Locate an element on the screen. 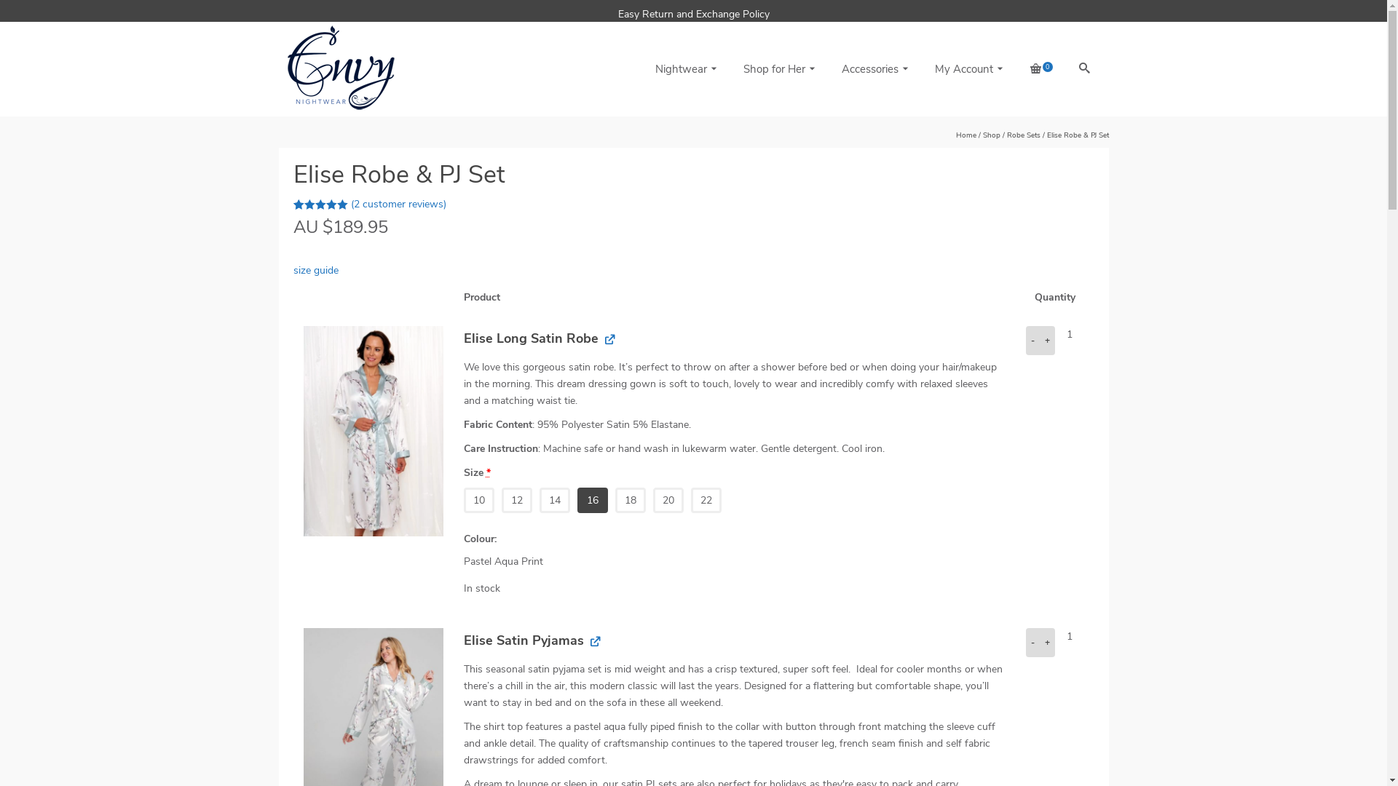 The image size is (1398, 786). 'Shop for Her' is located at coordinates (777, 69).